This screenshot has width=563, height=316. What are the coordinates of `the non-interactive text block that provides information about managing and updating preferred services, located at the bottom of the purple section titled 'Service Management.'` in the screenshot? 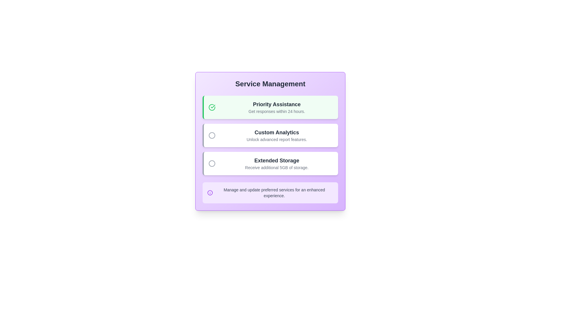 It's located at (274, 193).